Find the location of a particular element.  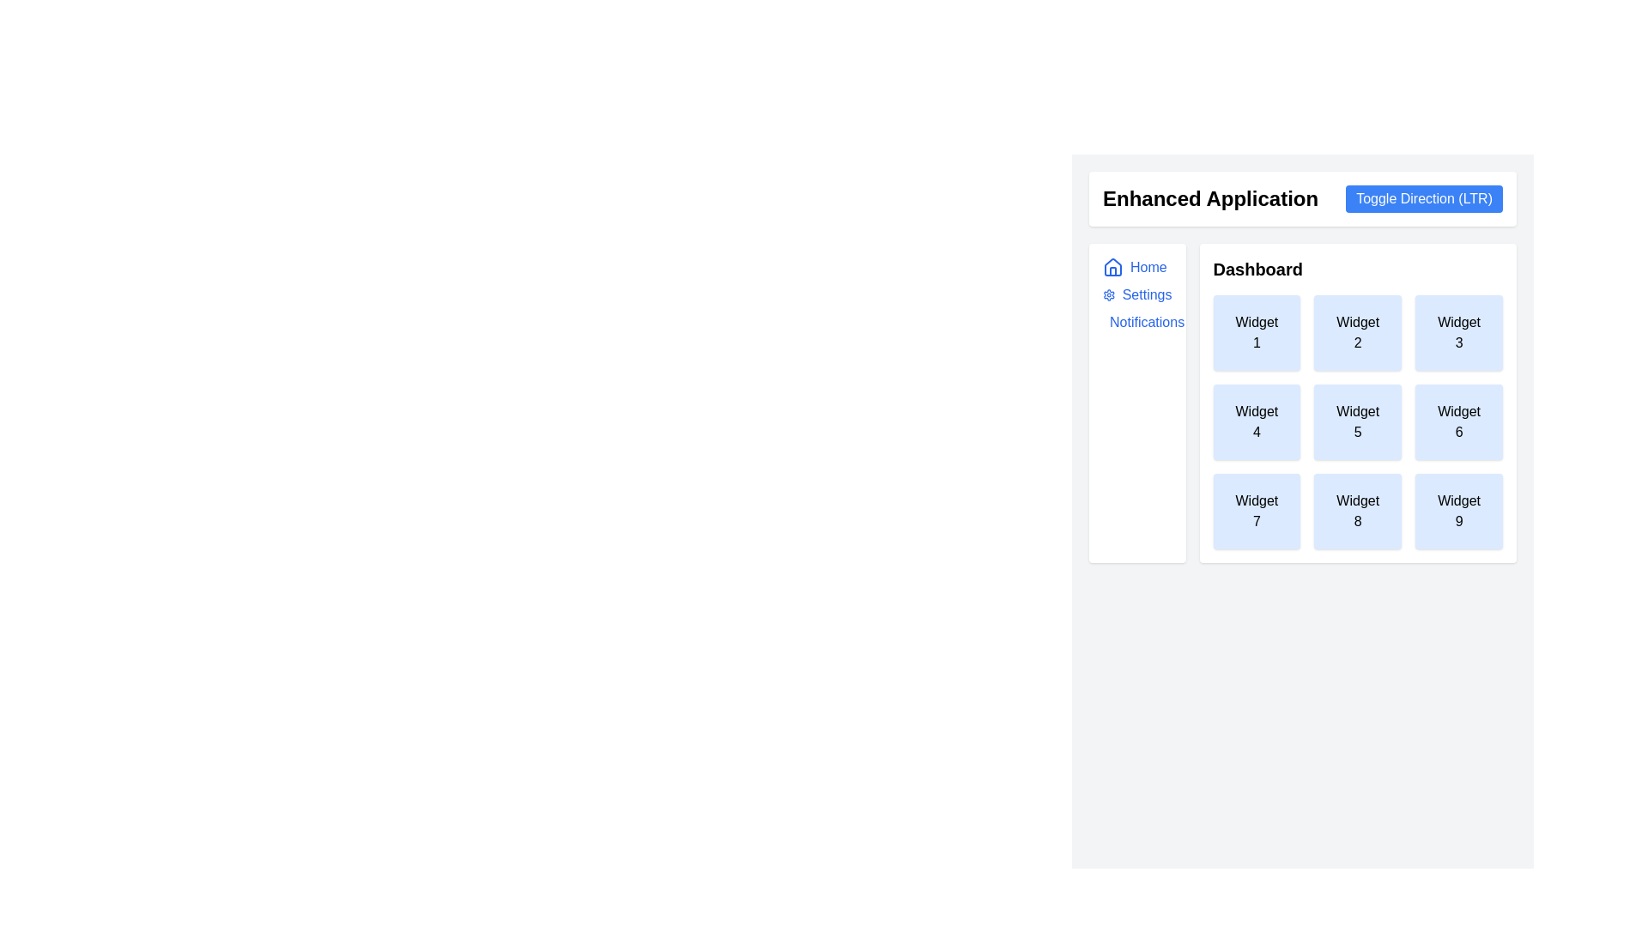

the 'Widget 7' button located in the third row, first column of the grid layout is located at coordinates (1257, 511).